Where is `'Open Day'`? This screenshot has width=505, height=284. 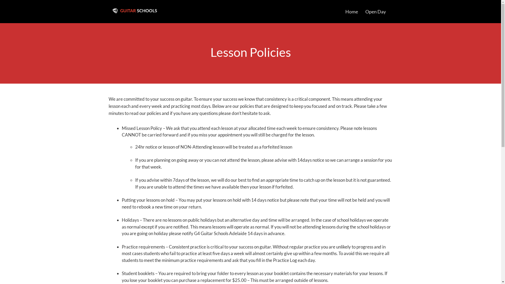
'Open Day' is located at coordinates (375, 11).